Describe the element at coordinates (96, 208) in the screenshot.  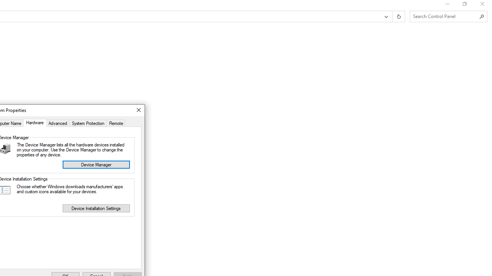
I see `'Device Installation Settings'` at that location.